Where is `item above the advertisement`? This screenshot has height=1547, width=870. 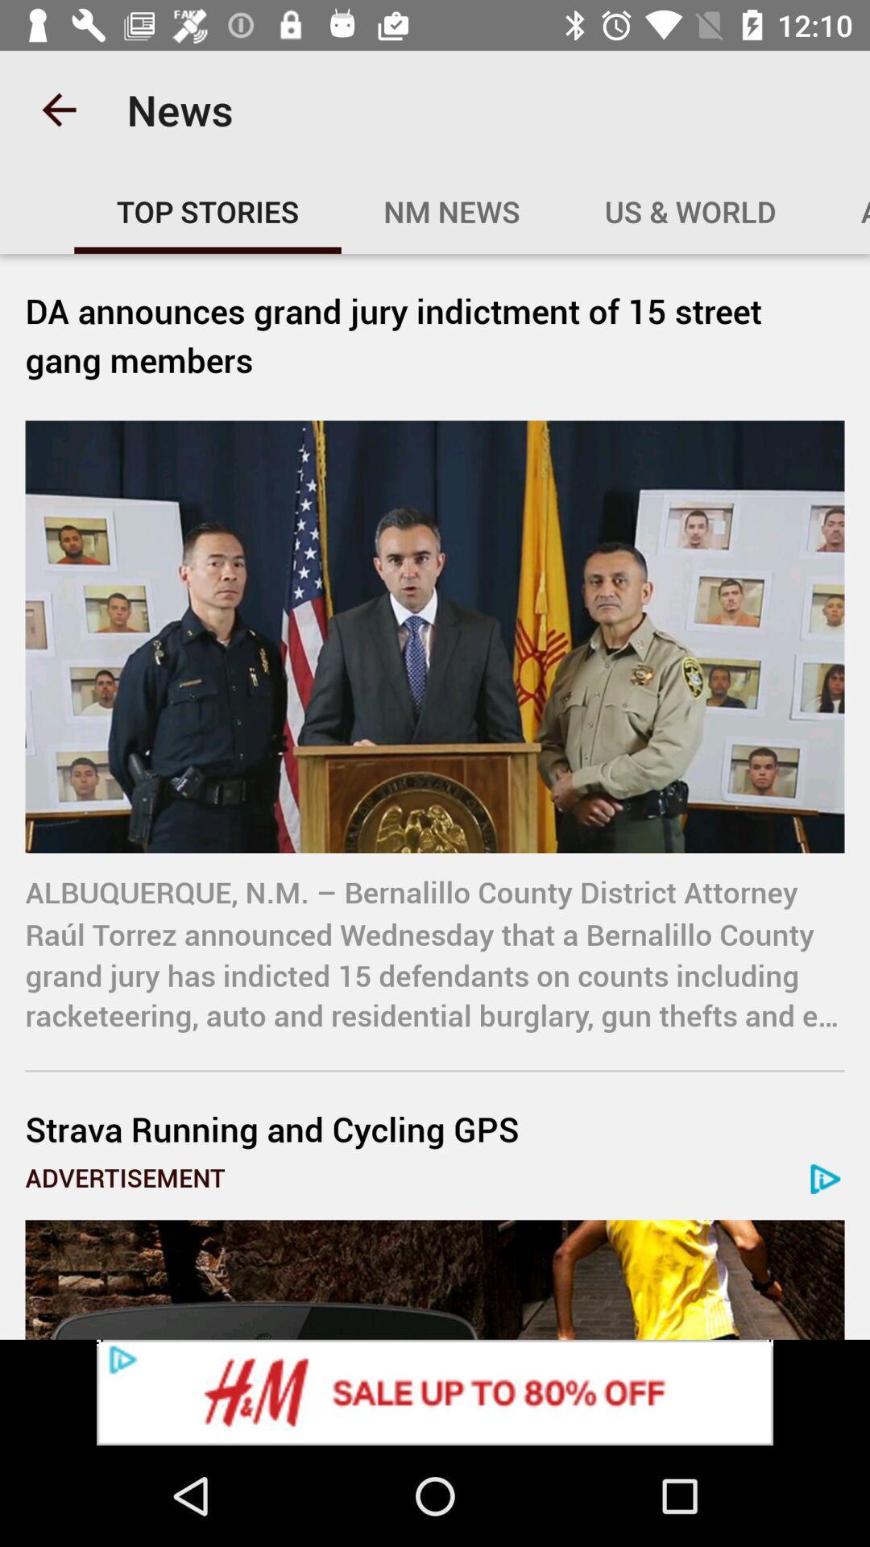 item above the advertisement is located at coordinates (435, 1128).